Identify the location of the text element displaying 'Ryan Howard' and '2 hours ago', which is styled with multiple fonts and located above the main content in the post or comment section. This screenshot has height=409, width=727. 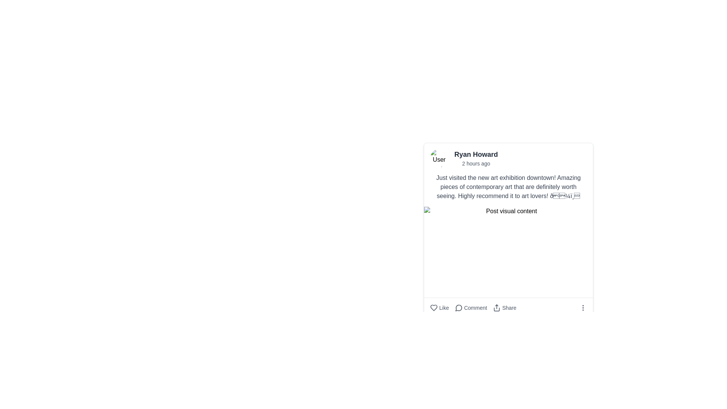
(476, 158).